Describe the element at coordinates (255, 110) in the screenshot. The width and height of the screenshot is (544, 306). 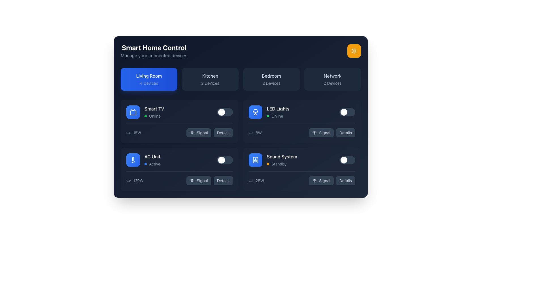
I see `the triangular SVG graphic located in the top right corner of the interface` at that location.